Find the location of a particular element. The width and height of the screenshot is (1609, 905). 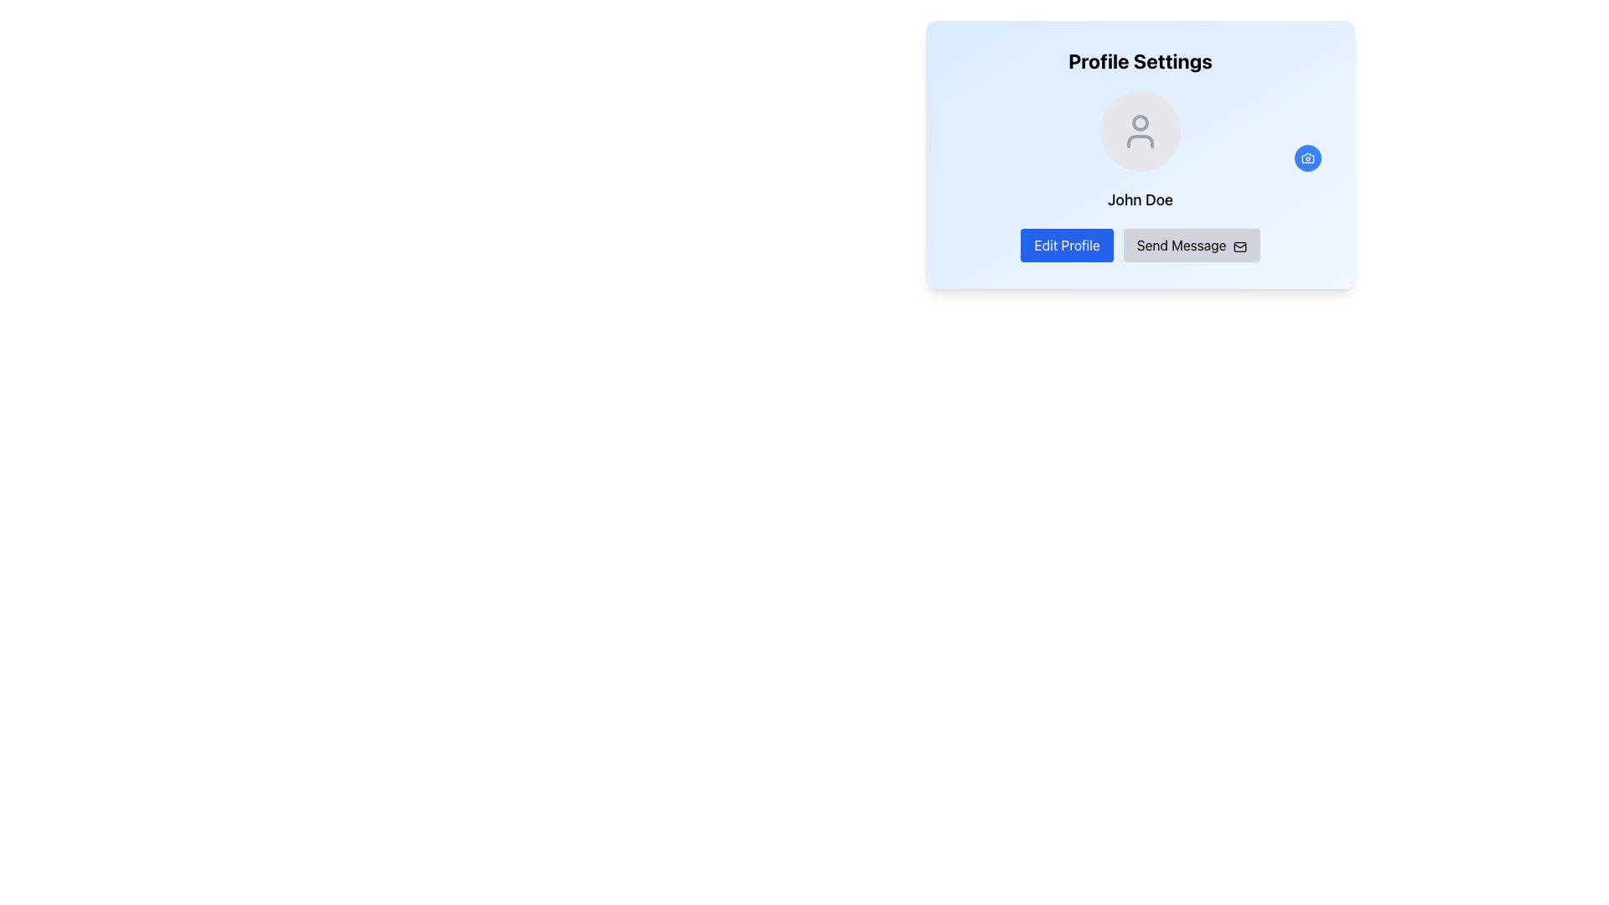

the second button in the Profile Settings section is located at coordinates (1191, 246).